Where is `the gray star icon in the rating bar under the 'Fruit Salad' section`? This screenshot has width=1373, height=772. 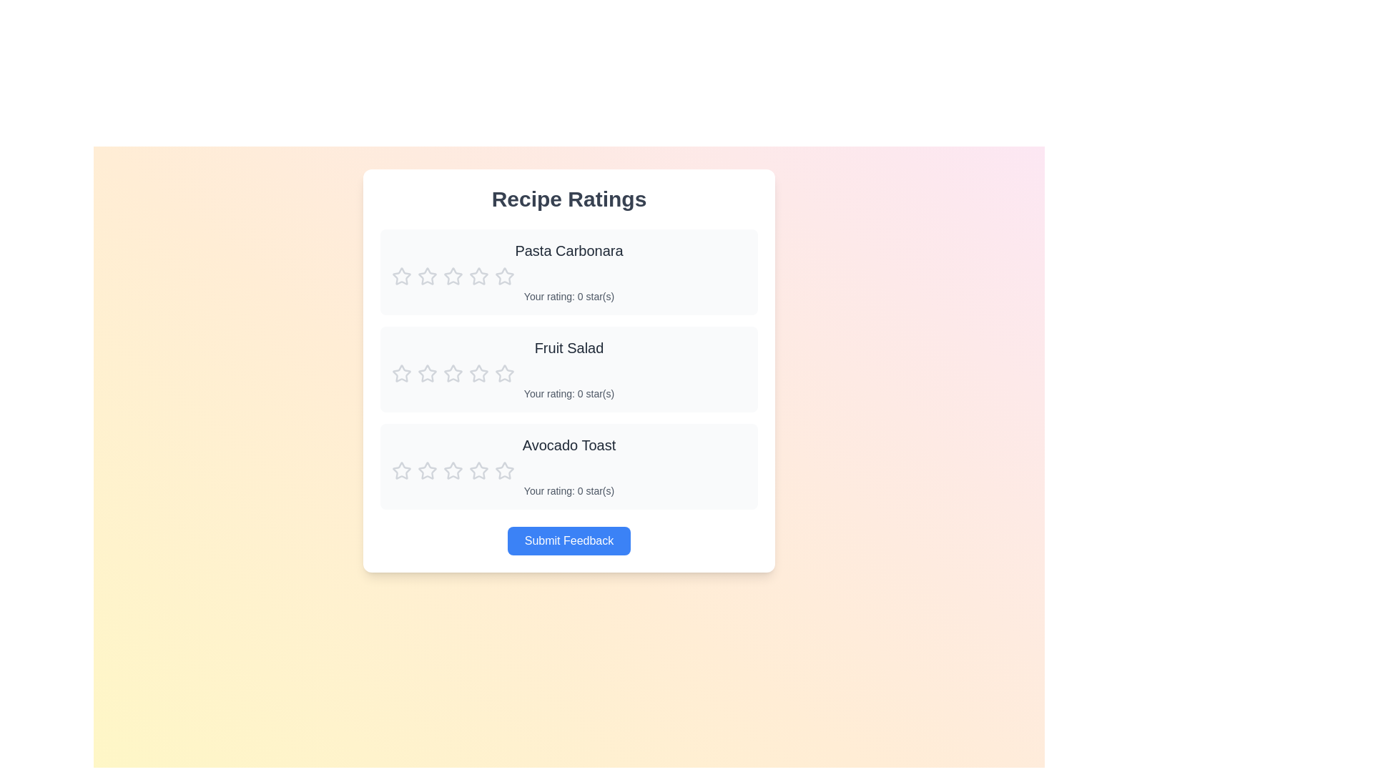 the gray star icon in the rating bar under the 'Fruit Salad' section is located at coordinates (504, 373).